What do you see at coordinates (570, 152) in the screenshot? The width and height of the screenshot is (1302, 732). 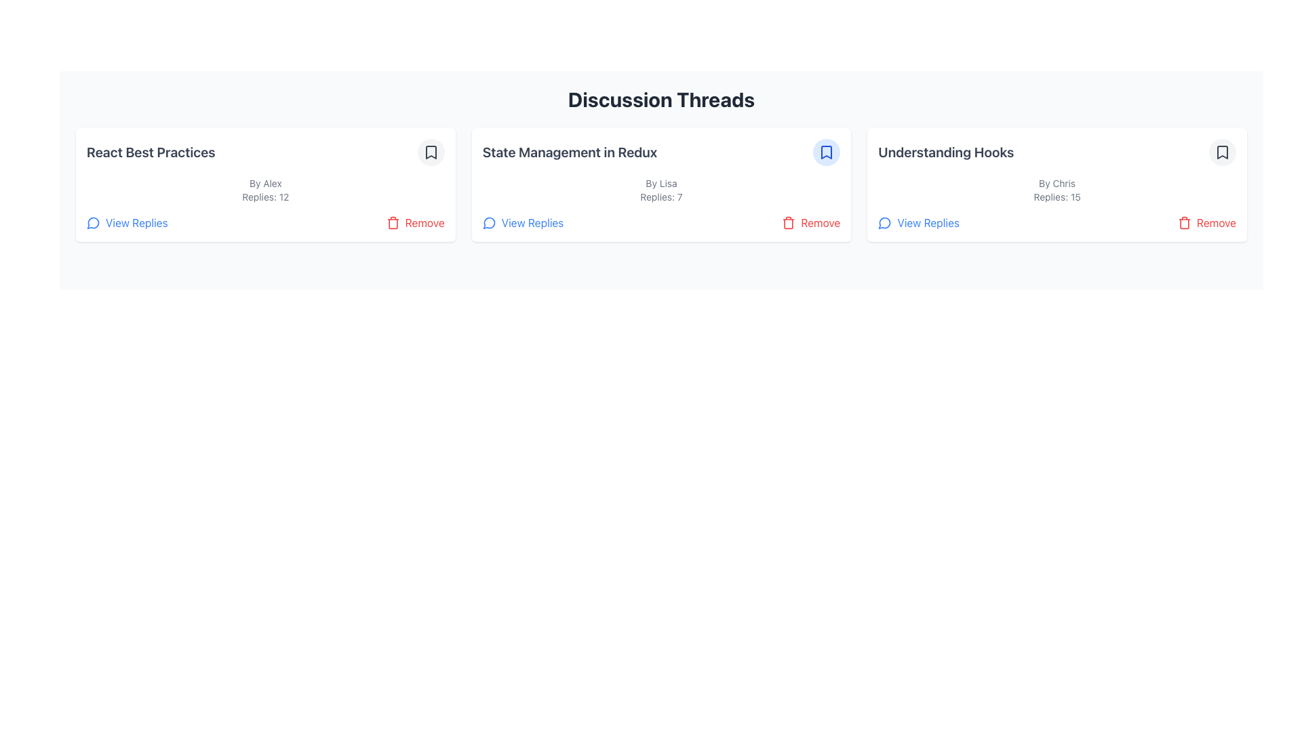 I see `the title text of the discussion thread located in the middle card of the horizontally aligned grid, positioned above 'By Lisa Replies: 7' and to the left of the bookmark icon` at bounding box center [570, 152].